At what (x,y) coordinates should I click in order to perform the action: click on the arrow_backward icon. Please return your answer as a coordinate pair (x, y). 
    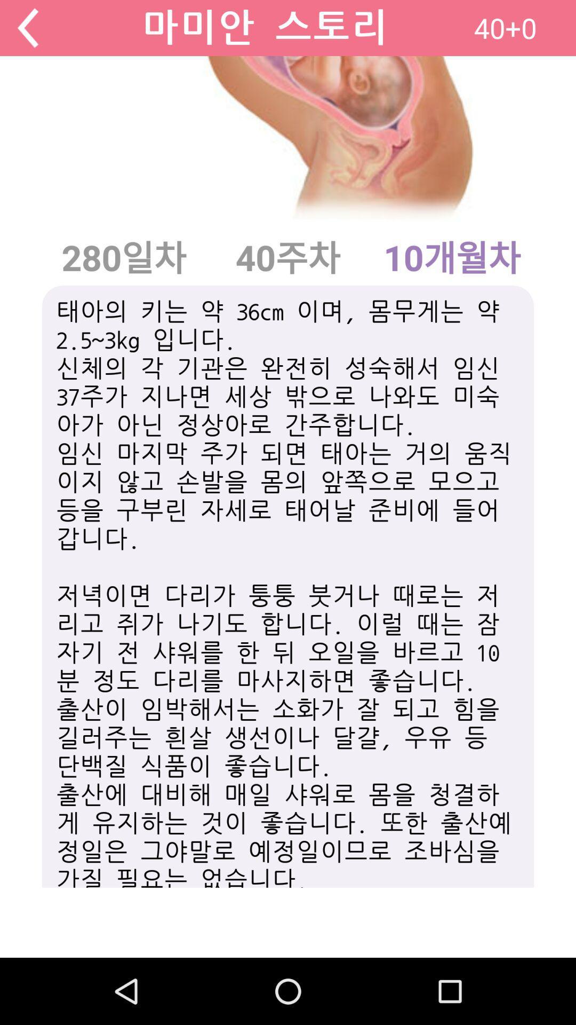
    Looking at the image, I should click on (27, 30).